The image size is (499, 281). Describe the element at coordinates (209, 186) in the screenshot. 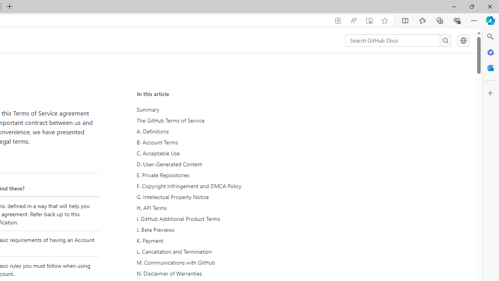

I see `'F. Copyright Infringement and DMCA Policy'` at that location.